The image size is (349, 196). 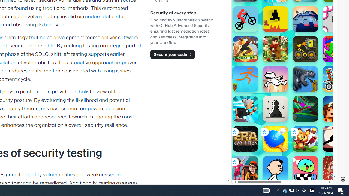 What do you see at coordinates (245, 19) in the screenshot?
I see `'Stickman Bike'` at bounding box center [245, 19].